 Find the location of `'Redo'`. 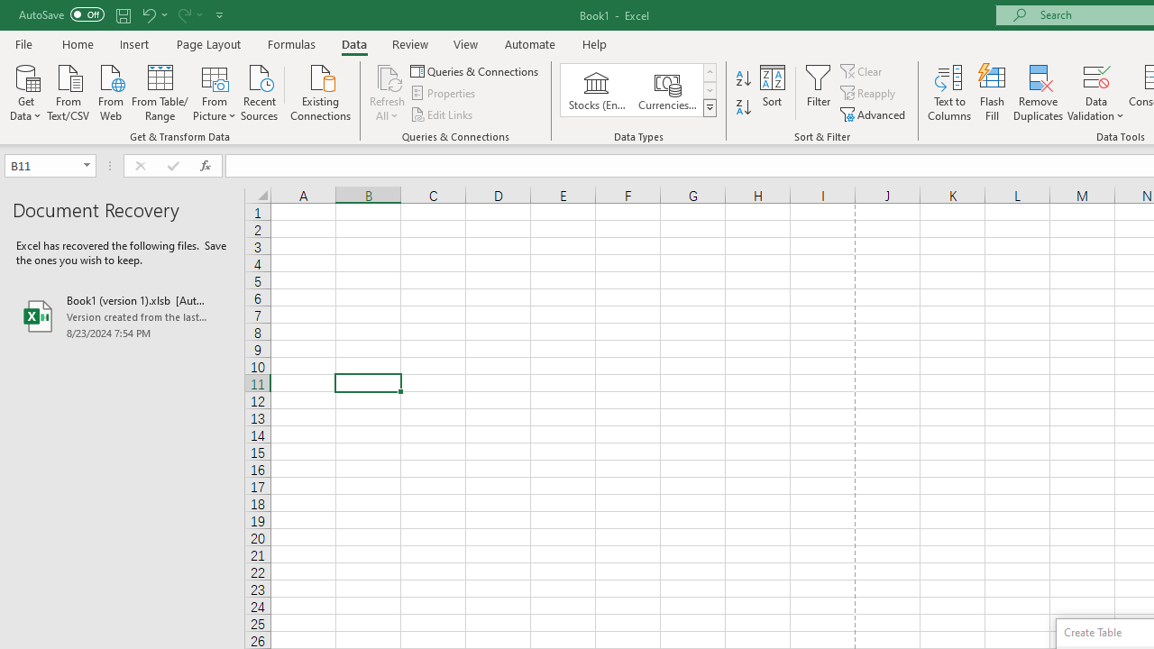

'Redo' is located at coordinates (188, 14).